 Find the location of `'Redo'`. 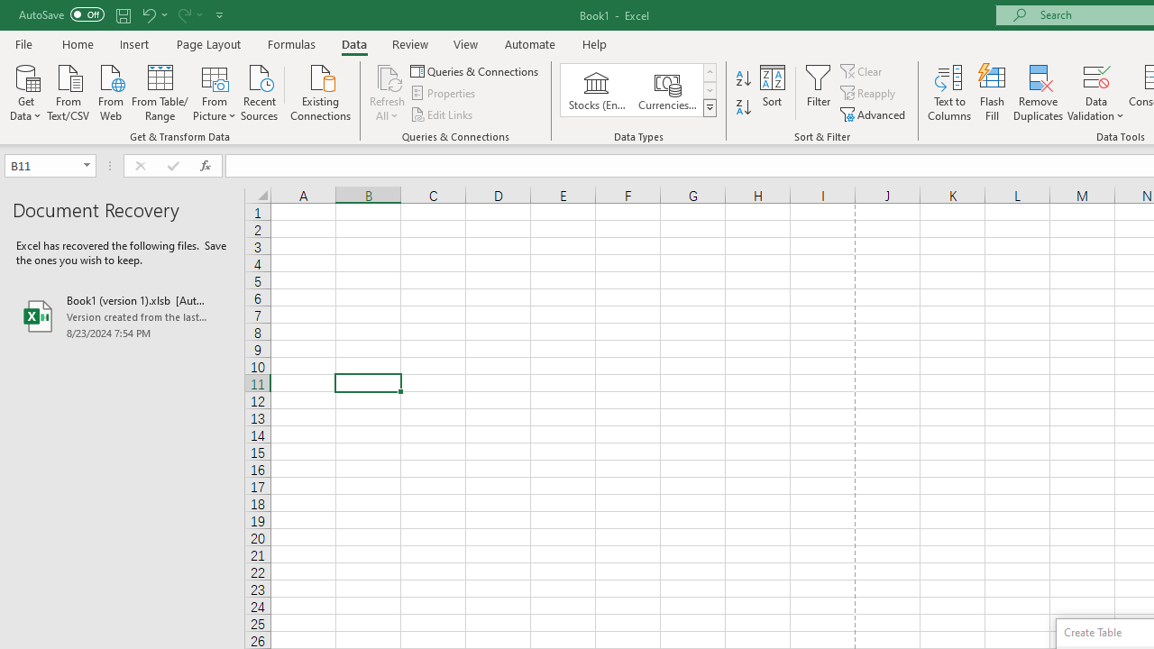

'Redo' is located at coordinates (188, 14).